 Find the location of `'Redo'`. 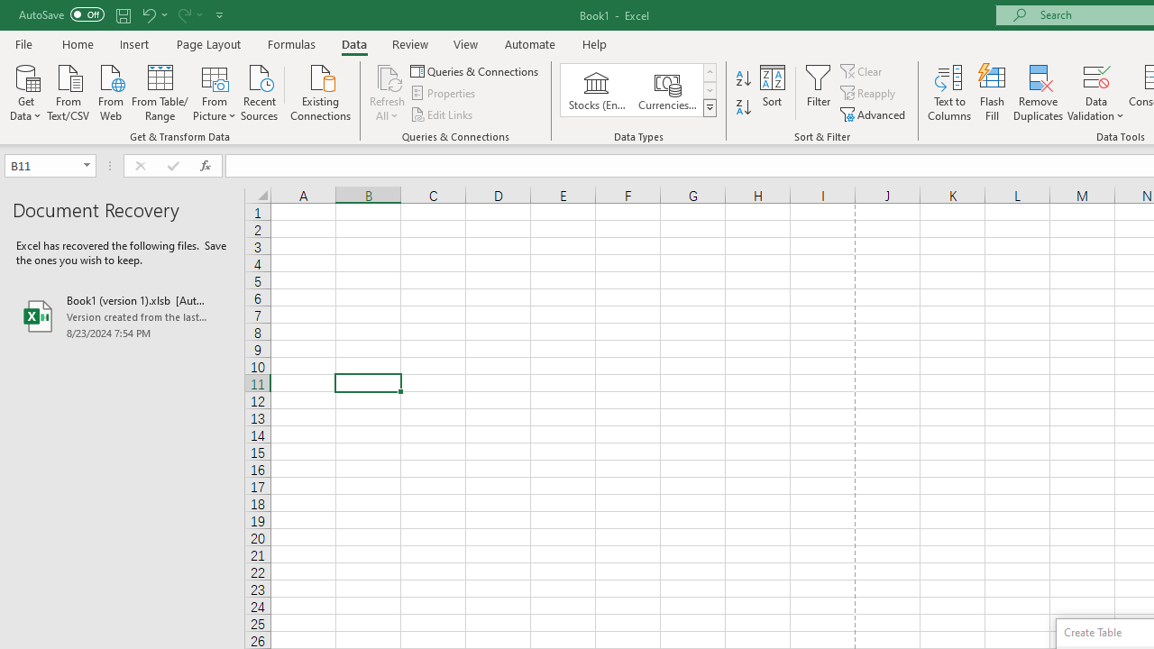

'Redo' is located at coordinates (188, 14).